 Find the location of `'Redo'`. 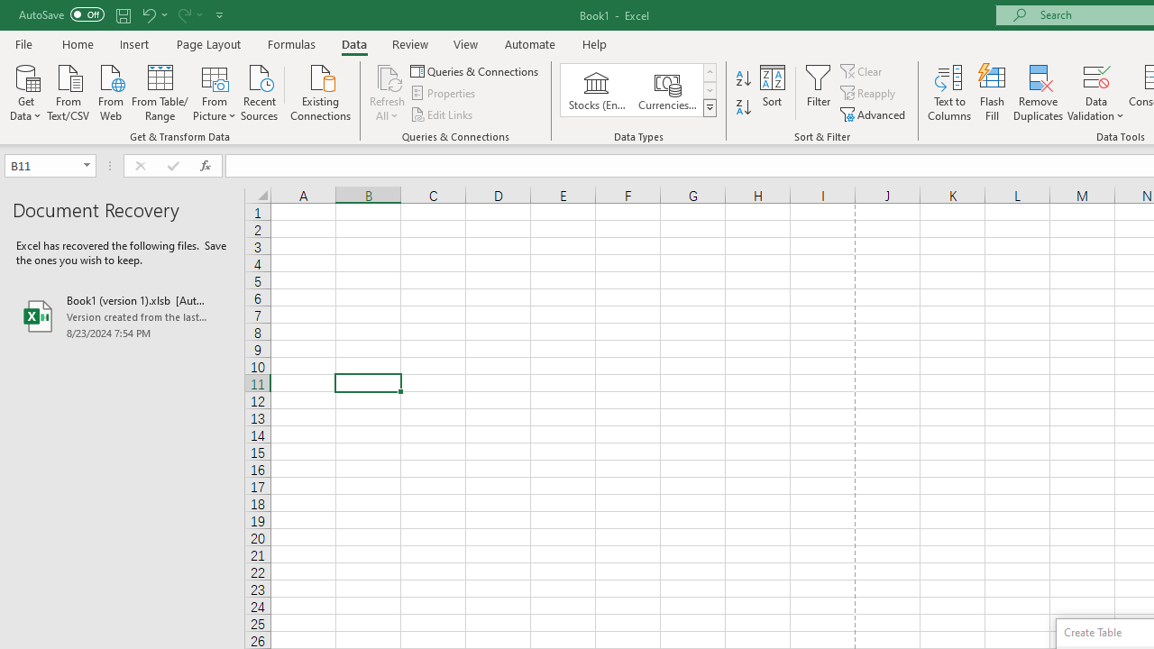

'Redo' is located at coordinates (188, 14).